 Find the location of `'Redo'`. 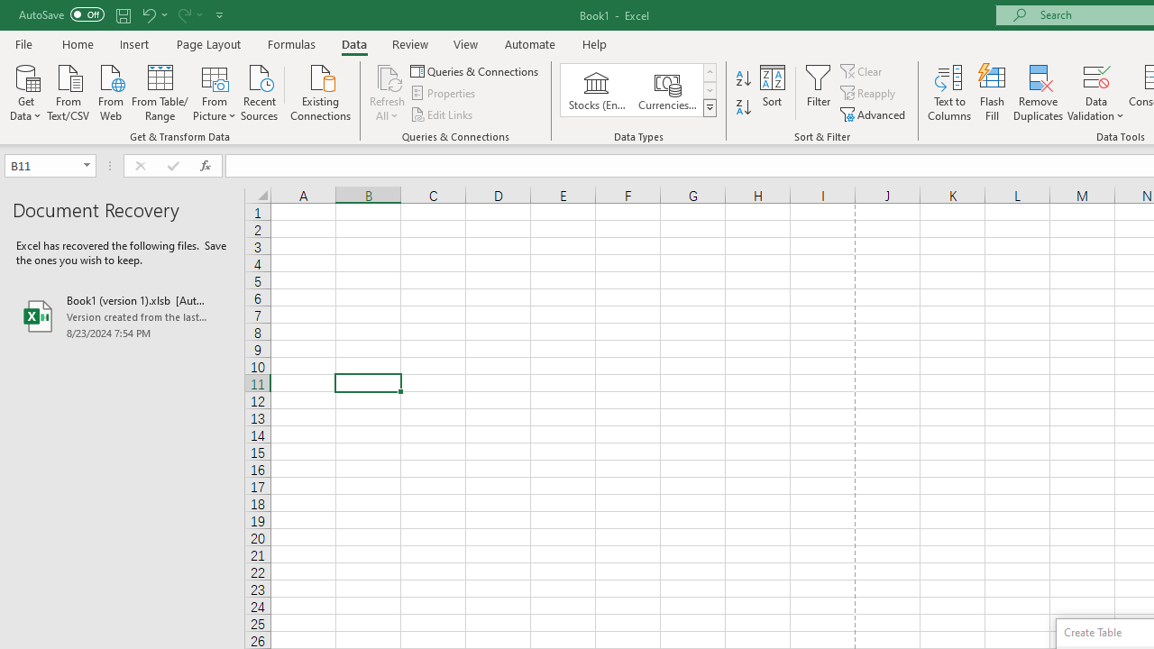

'Redo' is located at coordinates (188, 14).